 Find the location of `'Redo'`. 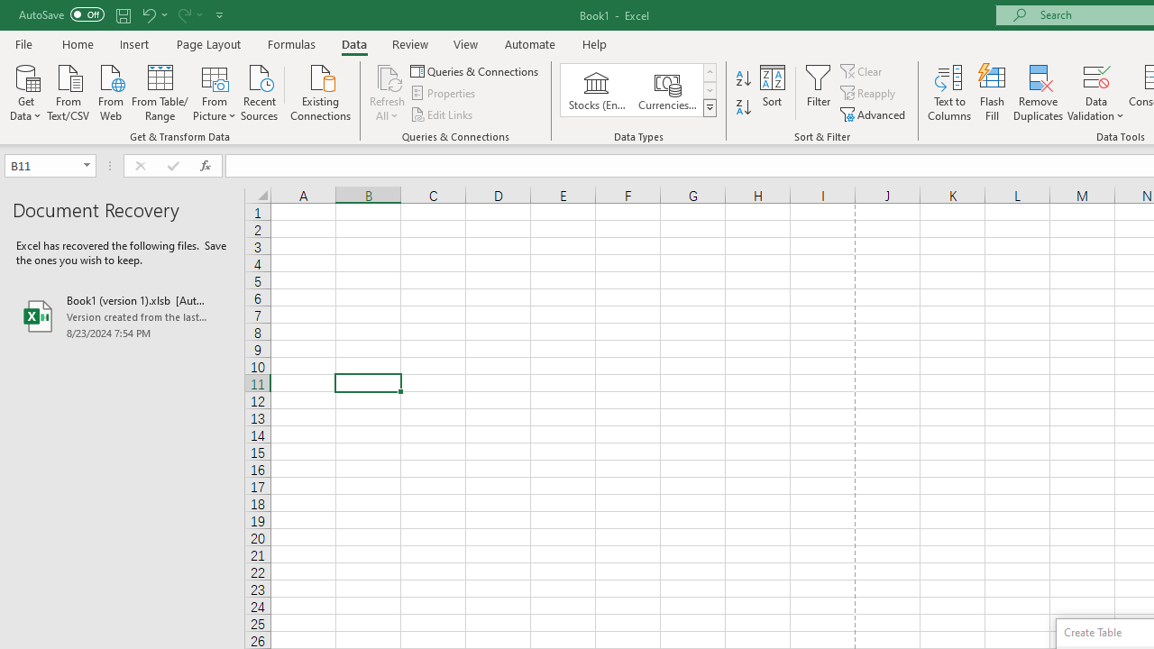

'Redo' is located at coordinates (188, 14).